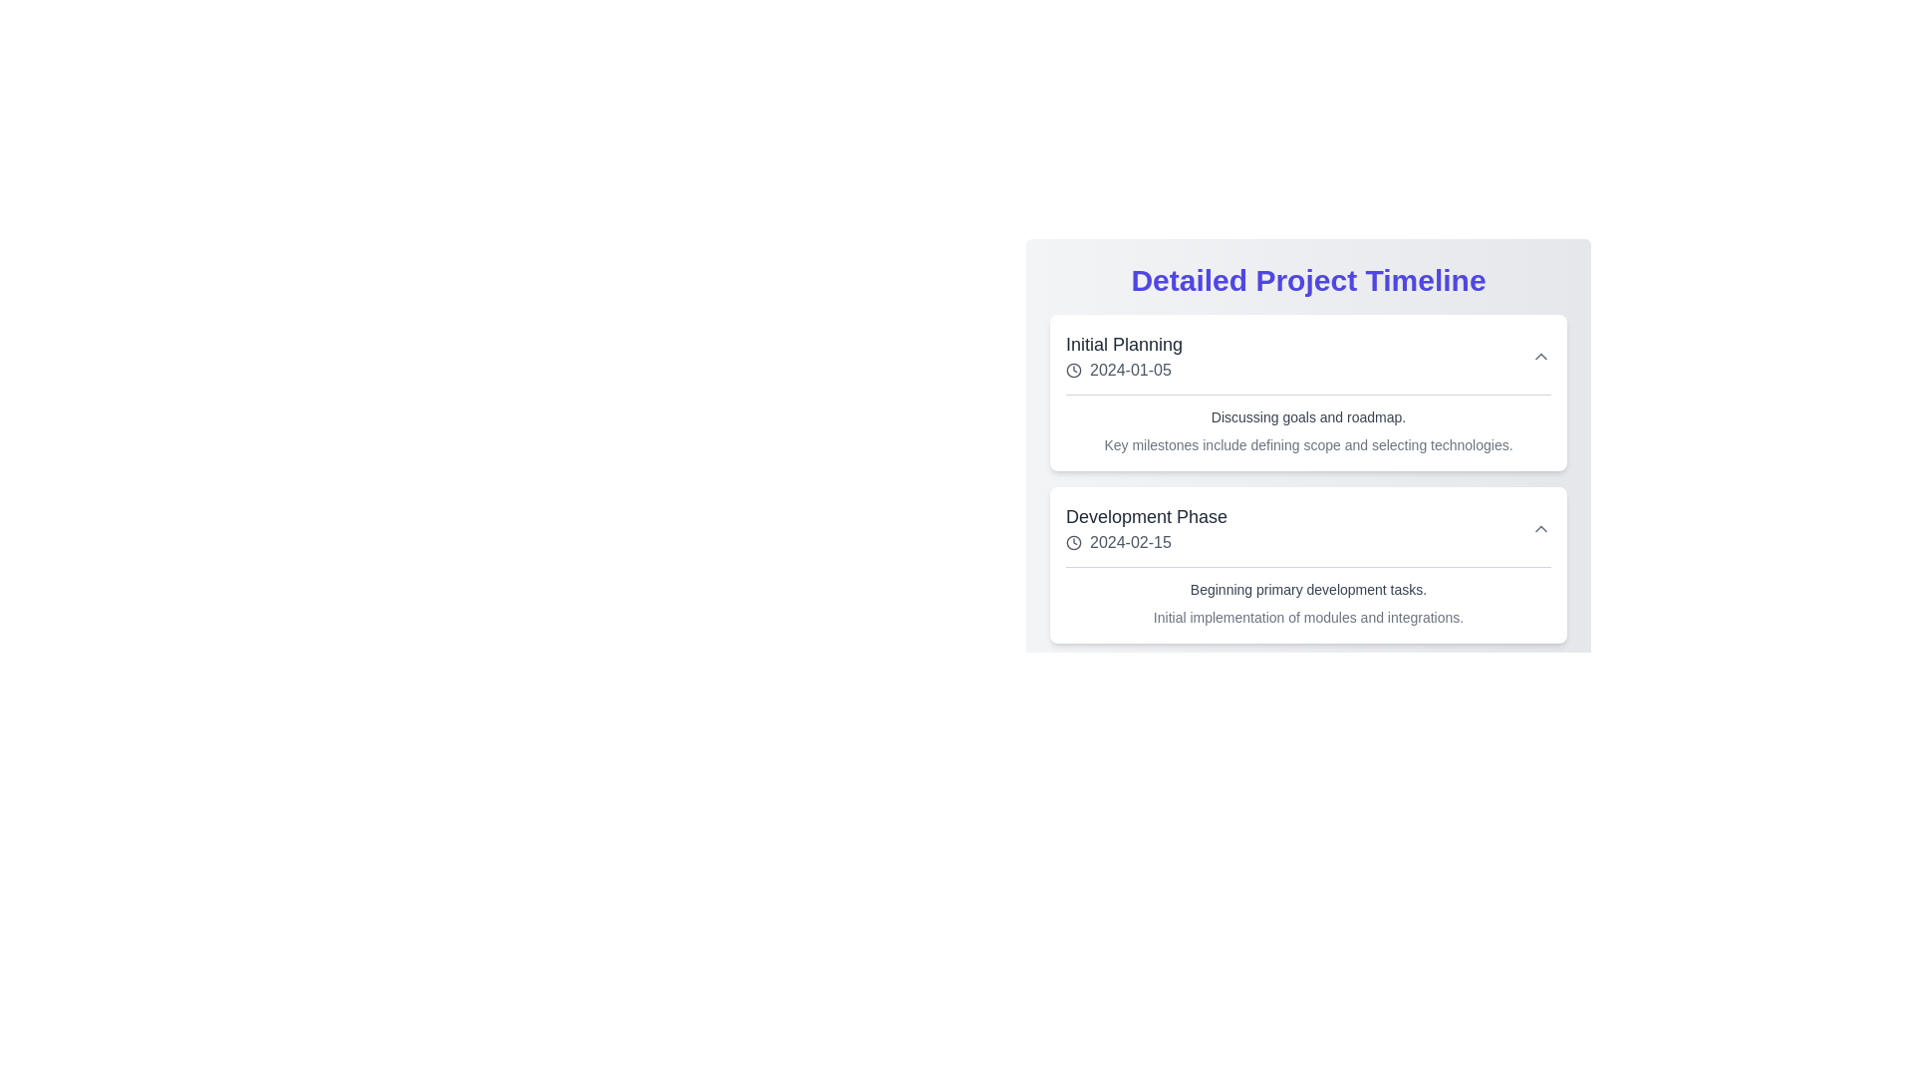 The width and height of the screenshot is (1913, 1076). I want to click on the Text Label that conveys additional details about the goals and roadmap discussed during the initial planning phase, which is located just below the title and date in the 'Initial Planning' section, so click(1308, 416).